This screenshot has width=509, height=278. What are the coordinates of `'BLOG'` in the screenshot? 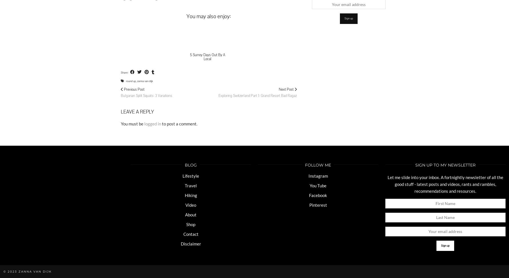 It's located at (191, 164).